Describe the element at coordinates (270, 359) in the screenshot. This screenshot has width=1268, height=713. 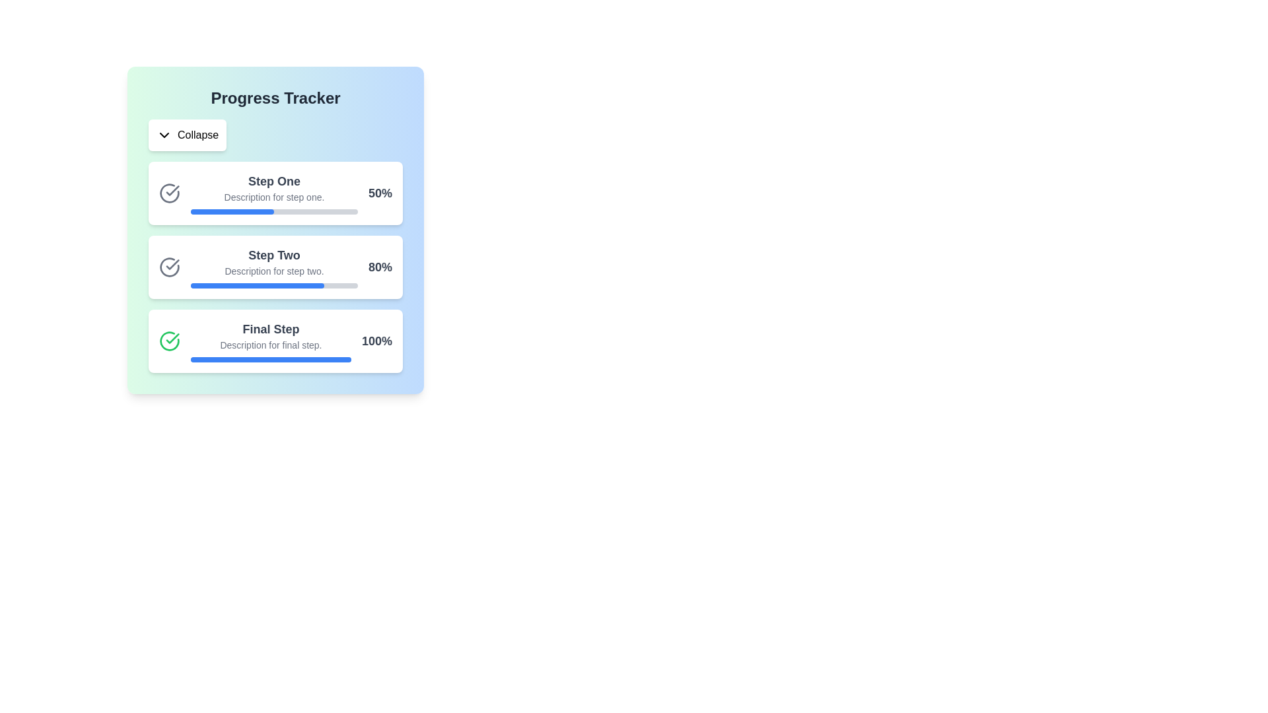
I see `the progress bar located in the 'Final Step' section of the progress tracker, which visually indicates task completion with a filled blue bar` at that location.